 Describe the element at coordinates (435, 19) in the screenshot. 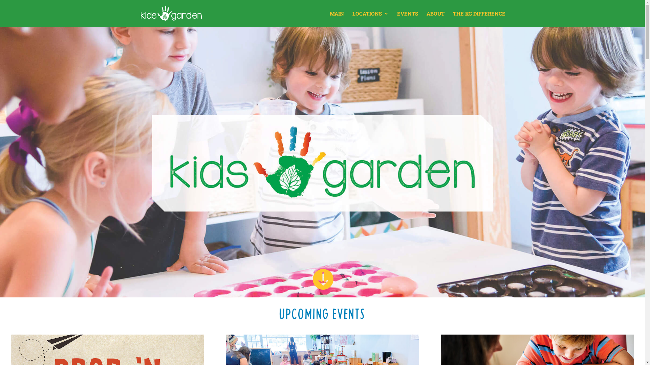

I see `'ABOUT'` at that location.